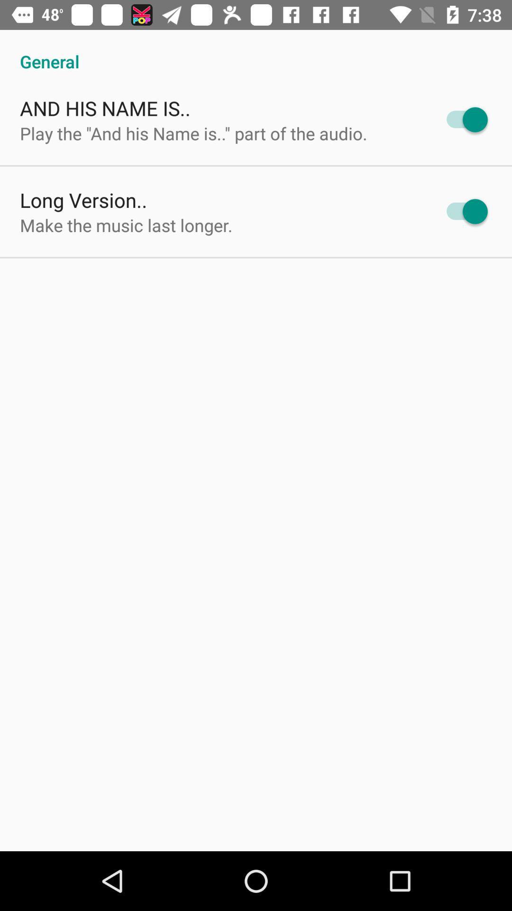 The height and width of the screenshot is (911, 512). I want to click on general icon, so click(256, 51).